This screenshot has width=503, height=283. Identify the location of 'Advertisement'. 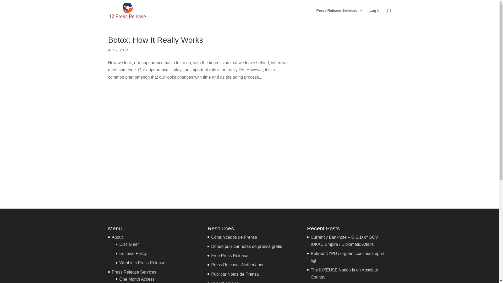
(350, 115).